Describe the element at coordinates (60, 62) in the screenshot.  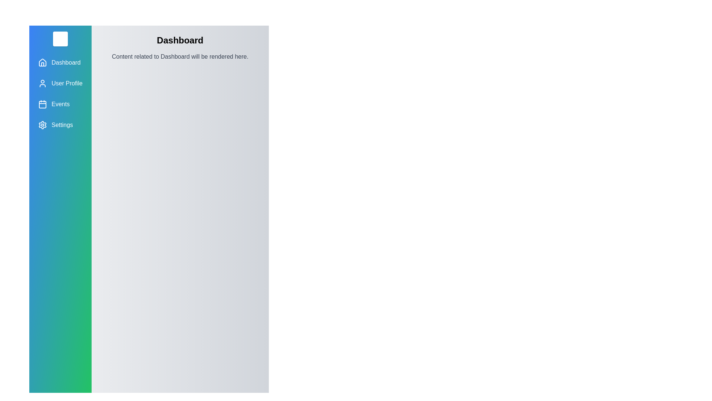
I see `the Dashboard tab from the sidebar` at that location.